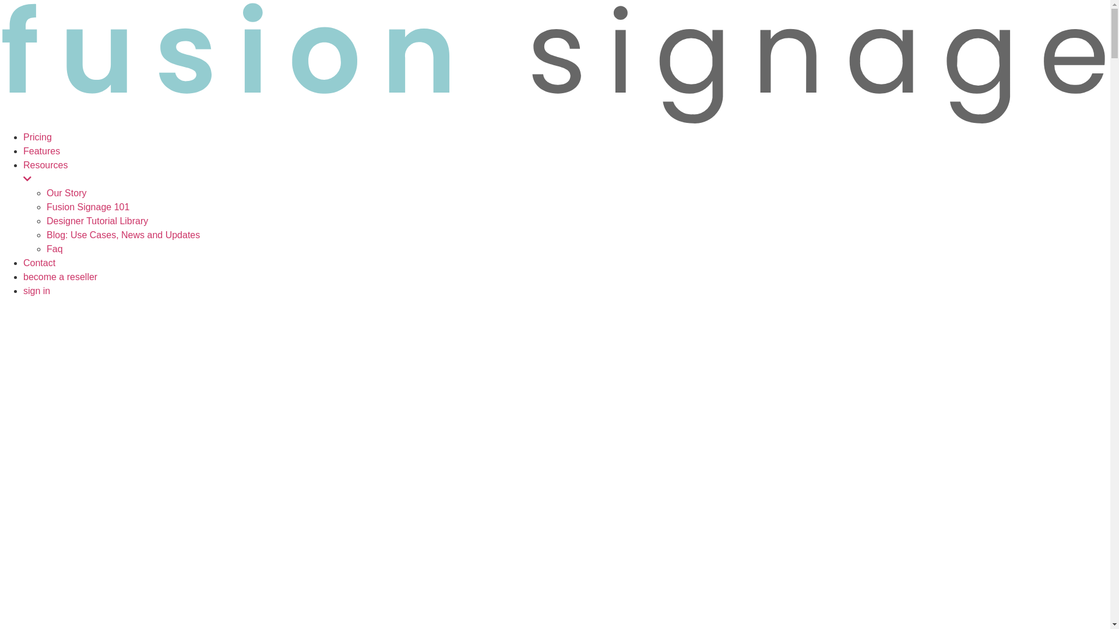 This screenshot has height=629, width=1119. Describe the element at coordinates (23, 263) in the screenshot. I see `'Contact'` at that location.